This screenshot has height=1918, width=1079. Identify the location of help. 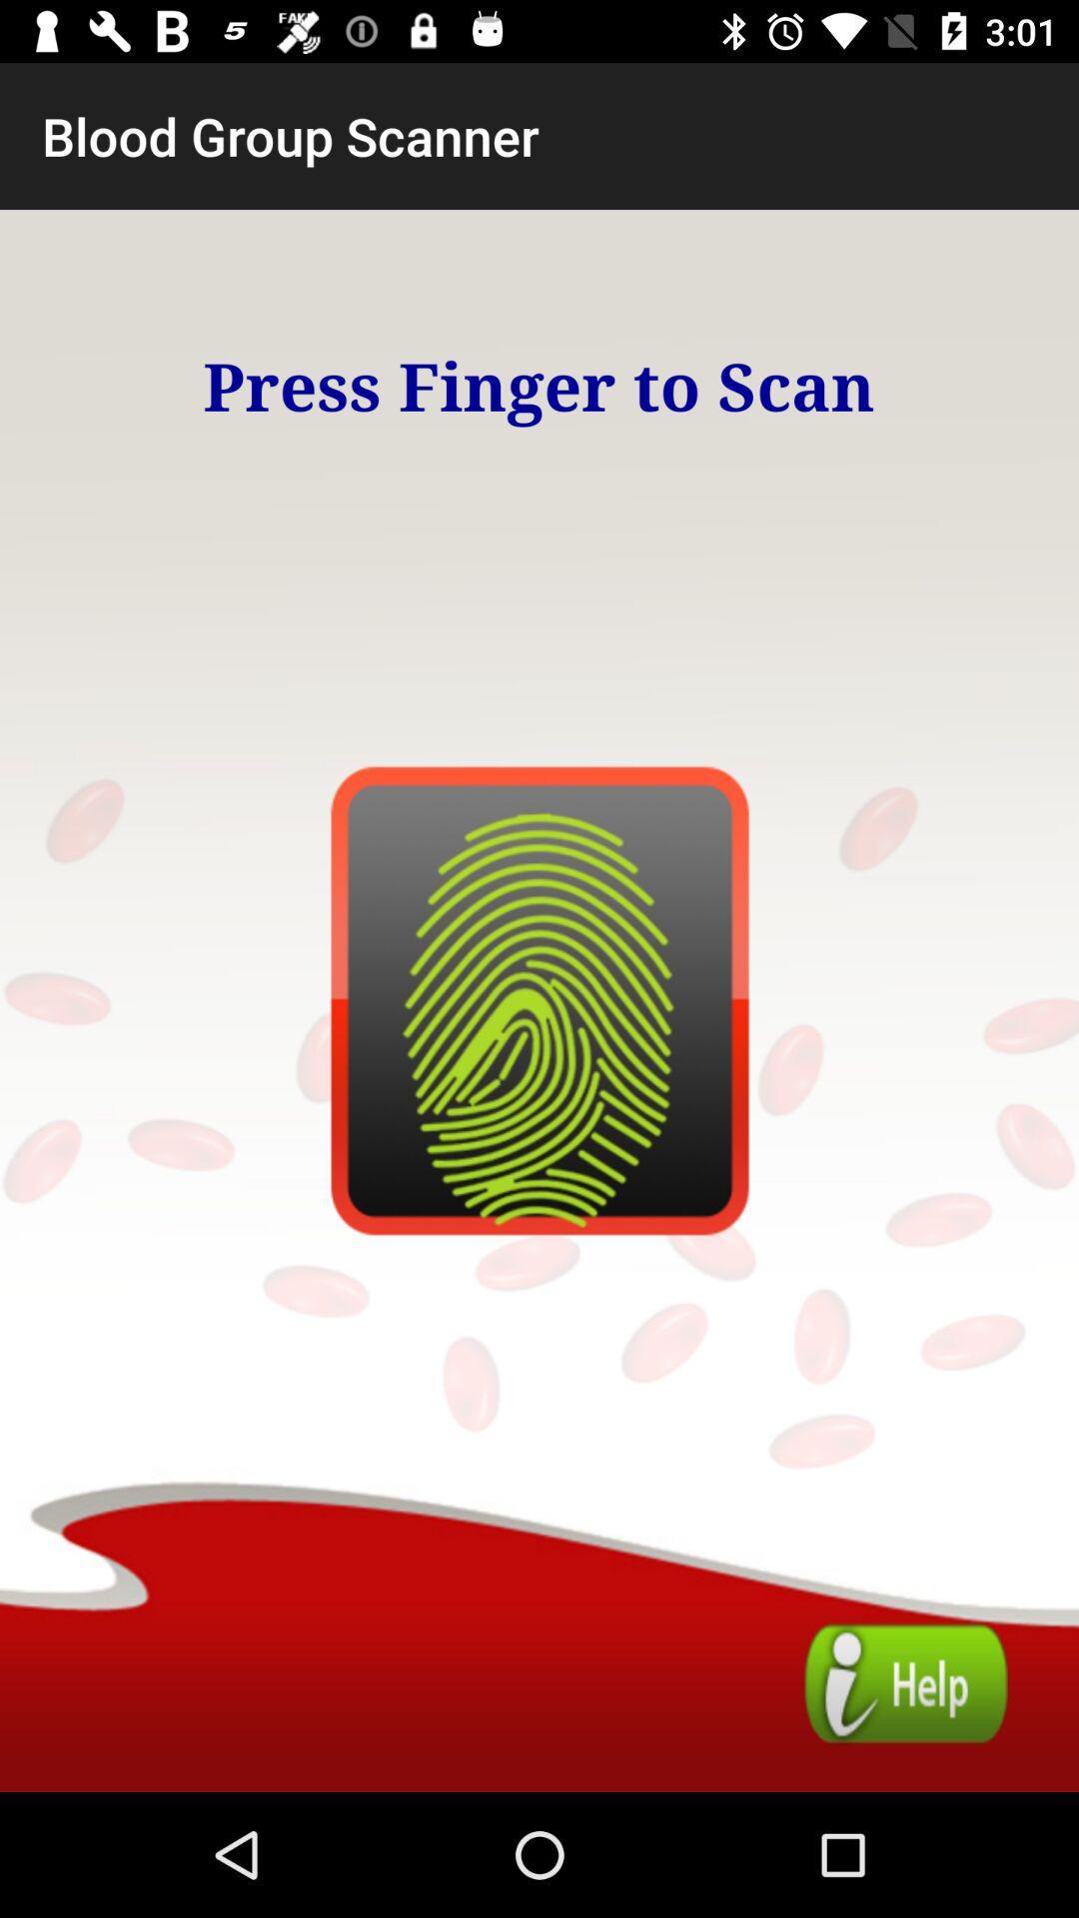
(906, 1682).